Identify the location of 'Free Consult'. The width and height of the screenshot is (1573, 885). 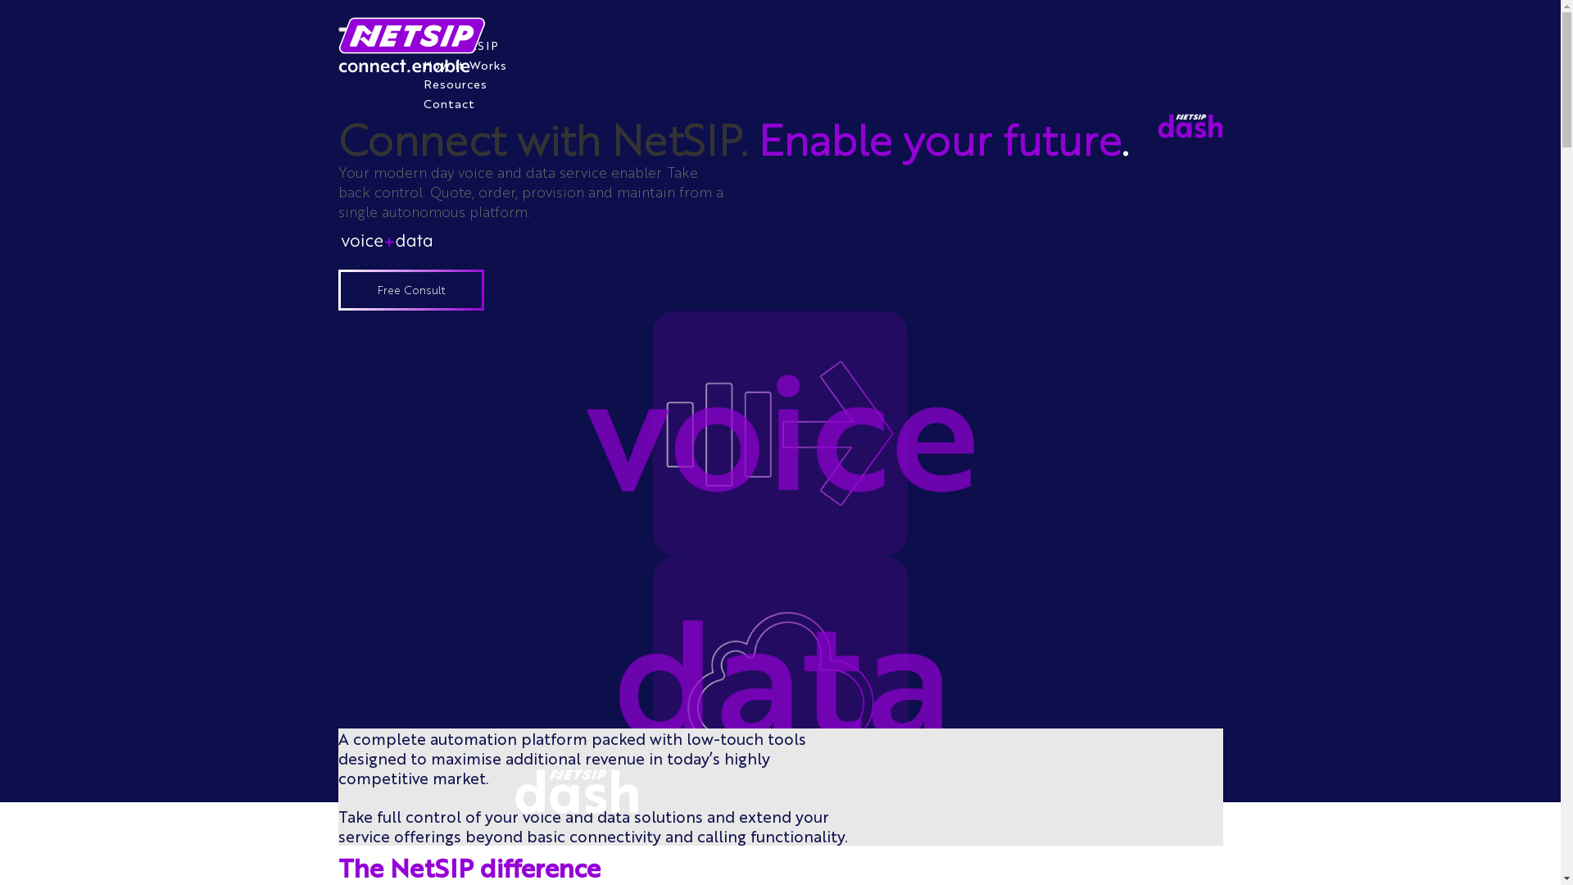
(410, 289).